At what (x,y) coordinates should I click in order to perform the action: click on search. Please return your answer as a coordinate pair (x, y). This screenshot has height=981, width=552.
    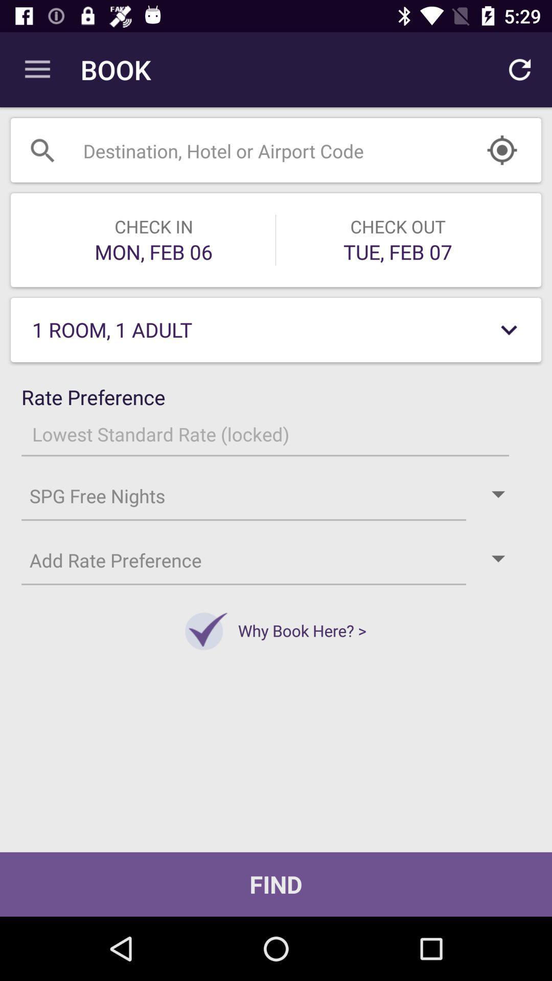
    Looking at the image, I should click on (250, 149).